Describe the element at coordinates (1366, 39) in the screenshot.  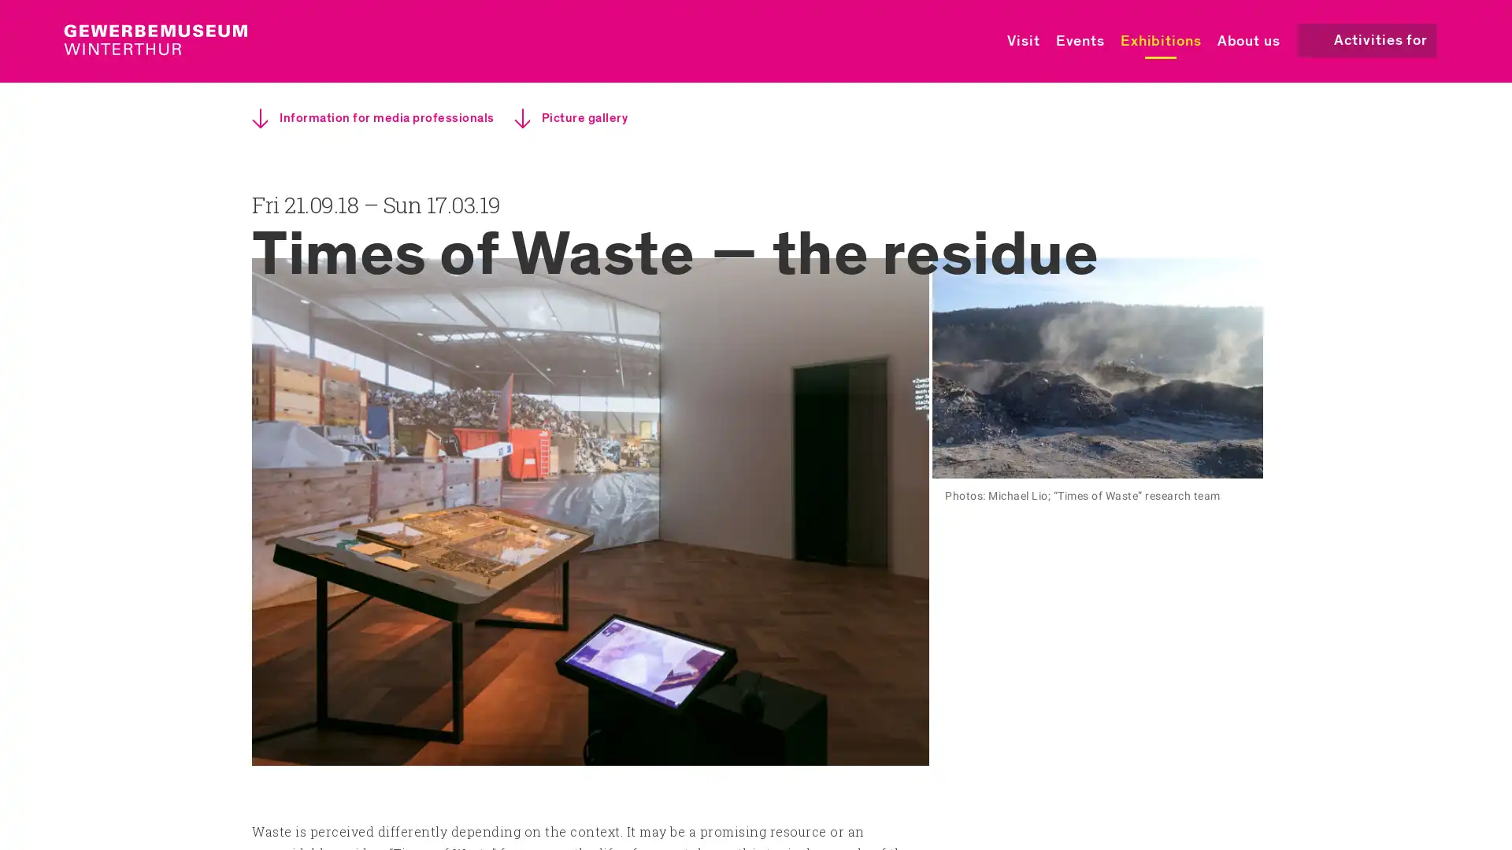
I see `Activities for` at that location.